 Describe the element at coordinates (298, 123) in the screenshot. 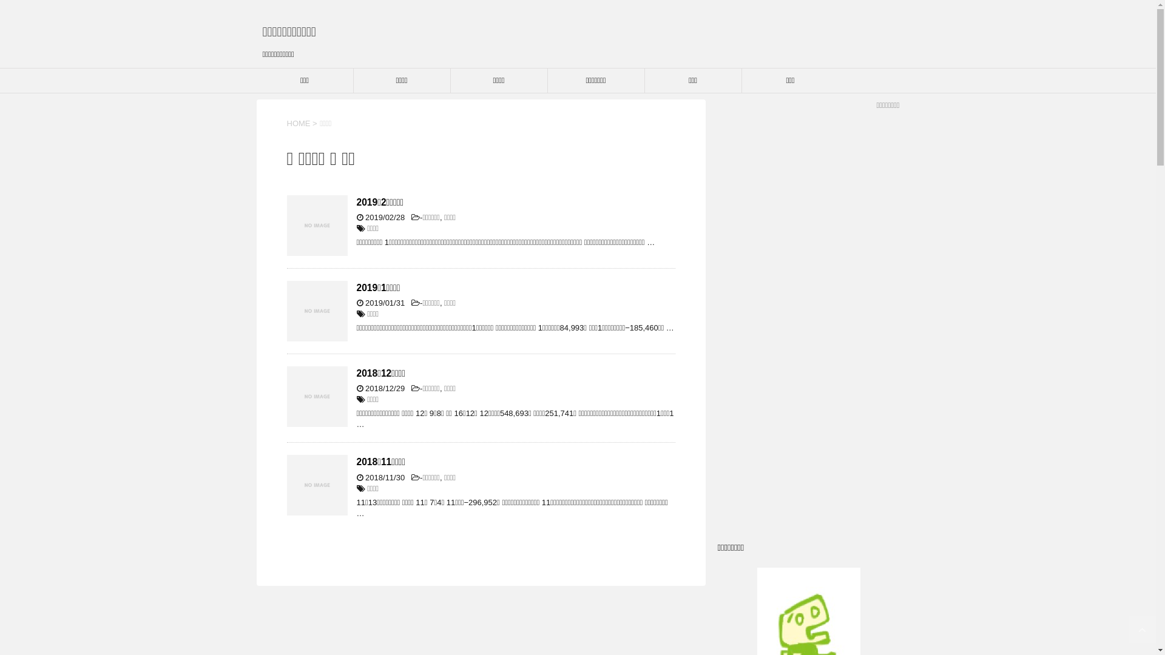

I see `'HOME'` at that location.